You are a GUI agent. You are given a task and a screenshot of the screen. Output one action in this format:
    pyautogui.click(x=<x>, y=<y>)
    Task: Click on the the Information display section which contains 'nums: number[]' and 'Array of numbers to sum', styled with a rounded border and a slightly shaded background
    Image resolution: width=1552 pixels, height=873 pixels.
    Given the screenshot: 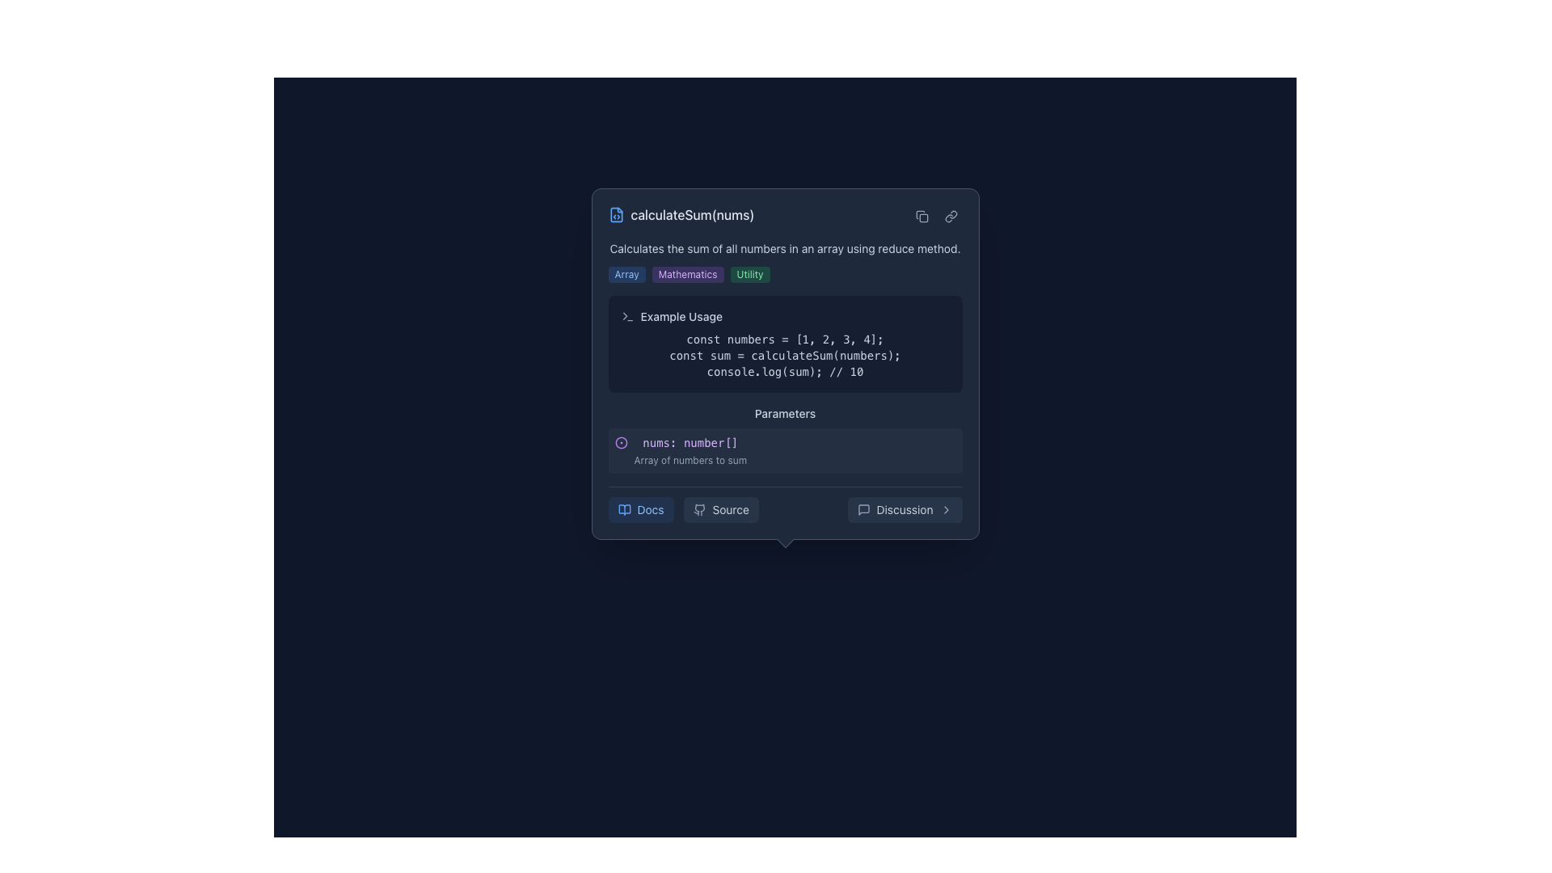 What is the action you would take?
    pyautogui.click(x=785, y=451)
    